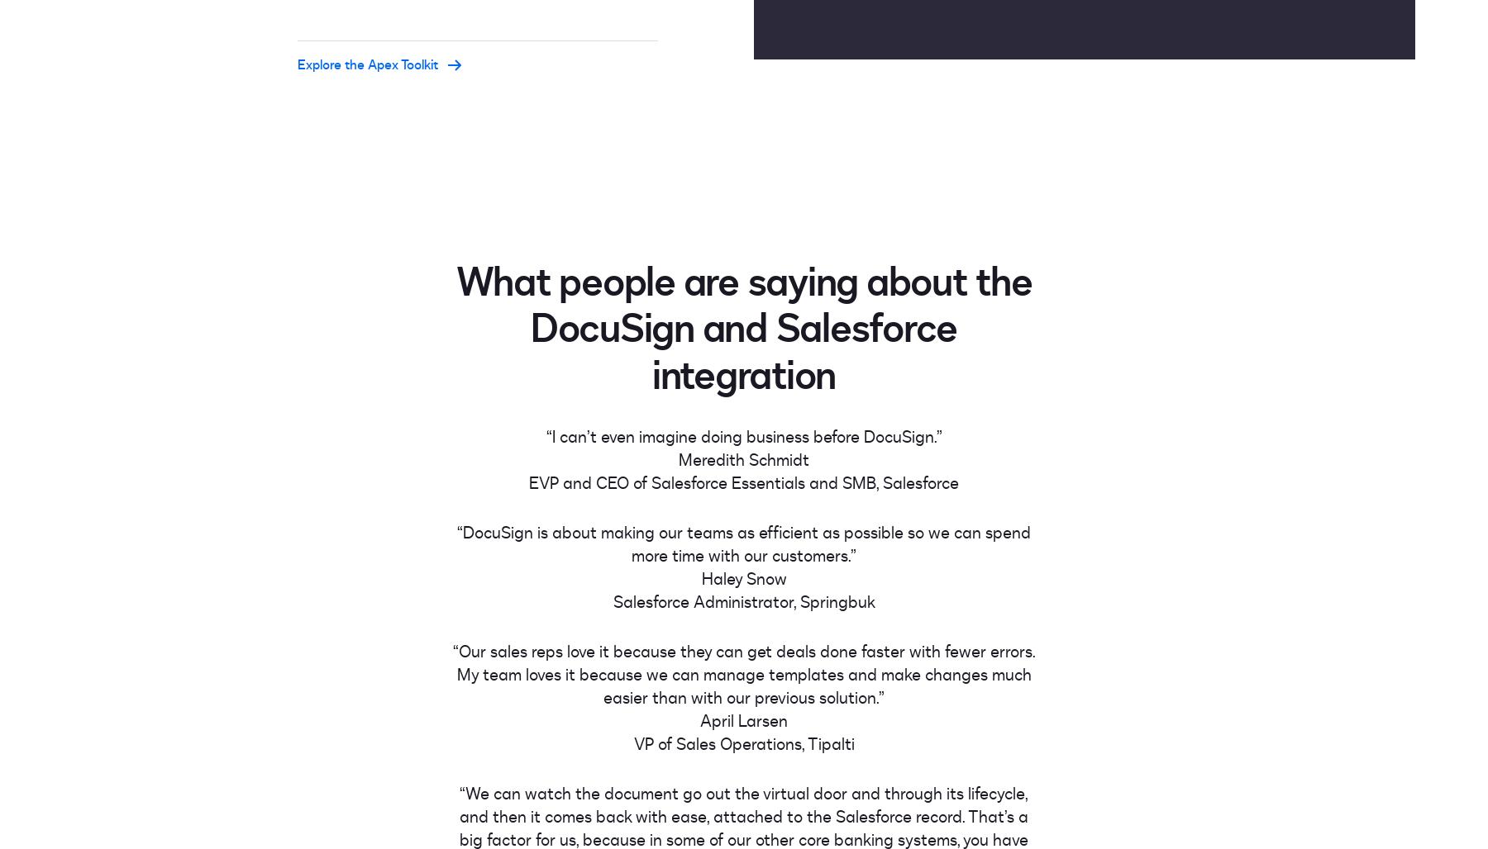  I want to click on 'April Larsen', so click(744, 719).